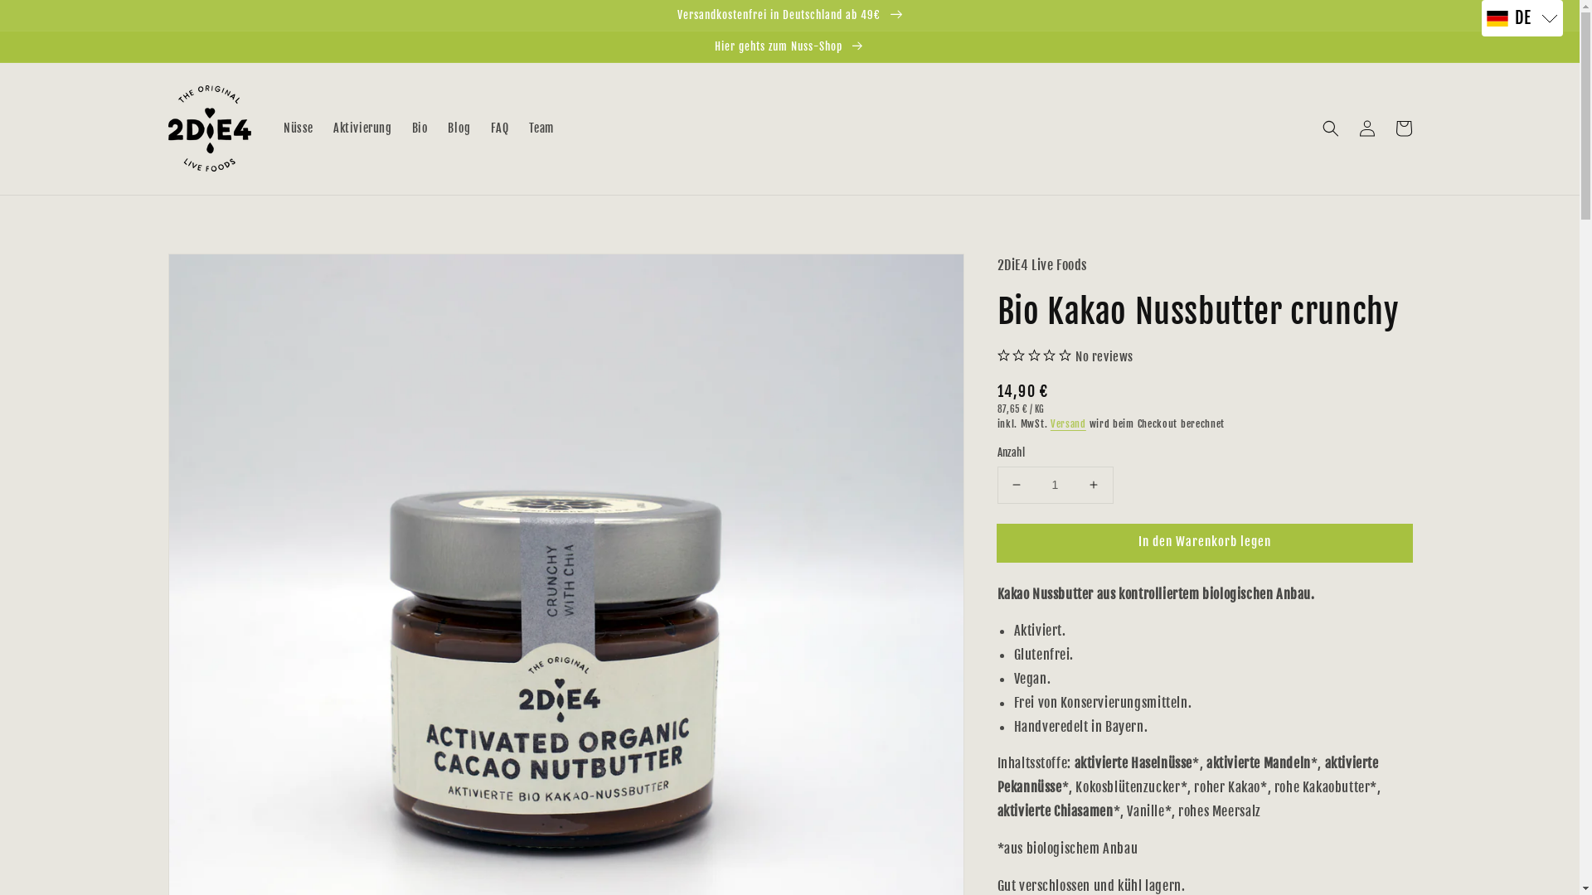  I want to click on 'Team', so click(541, 127).